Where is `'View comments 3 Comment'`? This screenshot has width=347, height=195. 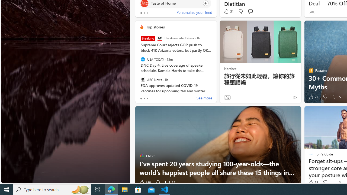
'View comments 3 Comment' is located at coordinates (336, 183).